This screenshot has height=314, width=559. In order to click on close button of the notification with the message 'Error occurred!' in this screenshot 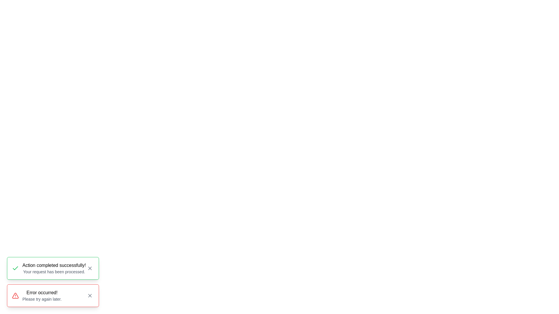, I will do `click(89, 296)`.